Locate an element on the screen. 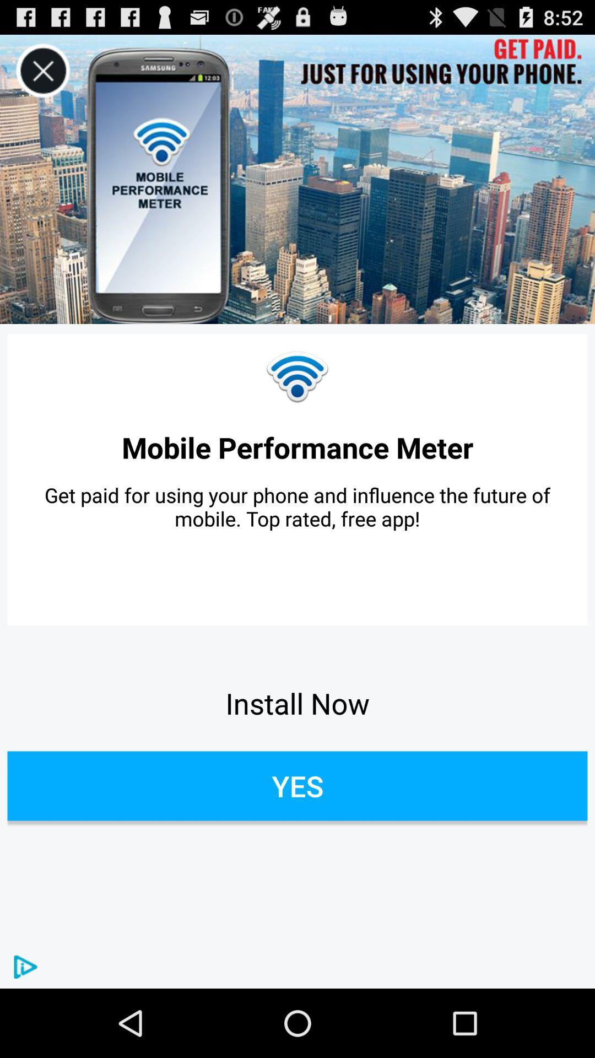 This screenshot has width=595, height=1058. the item below the get paid for app is located at coordinates (297, 703).